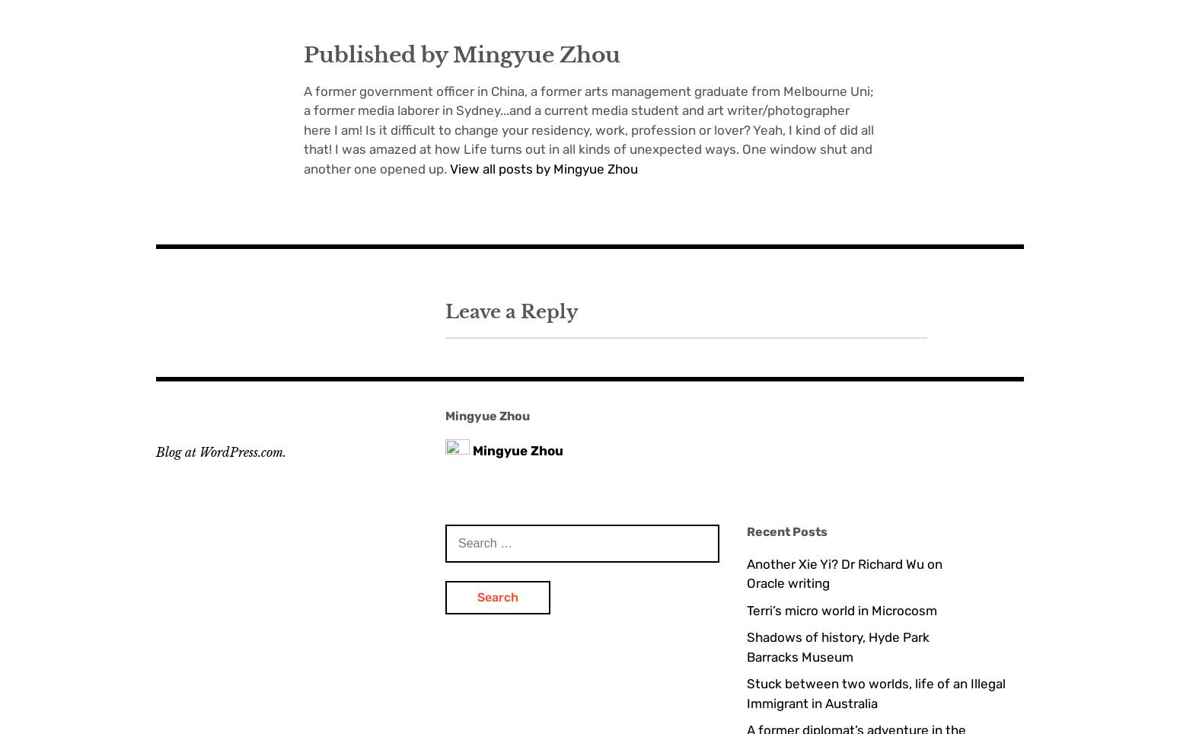  Describe the element at coordinates (155, 450) in the screenshot. I see `'Blog at WordPress.com.'` at that location.